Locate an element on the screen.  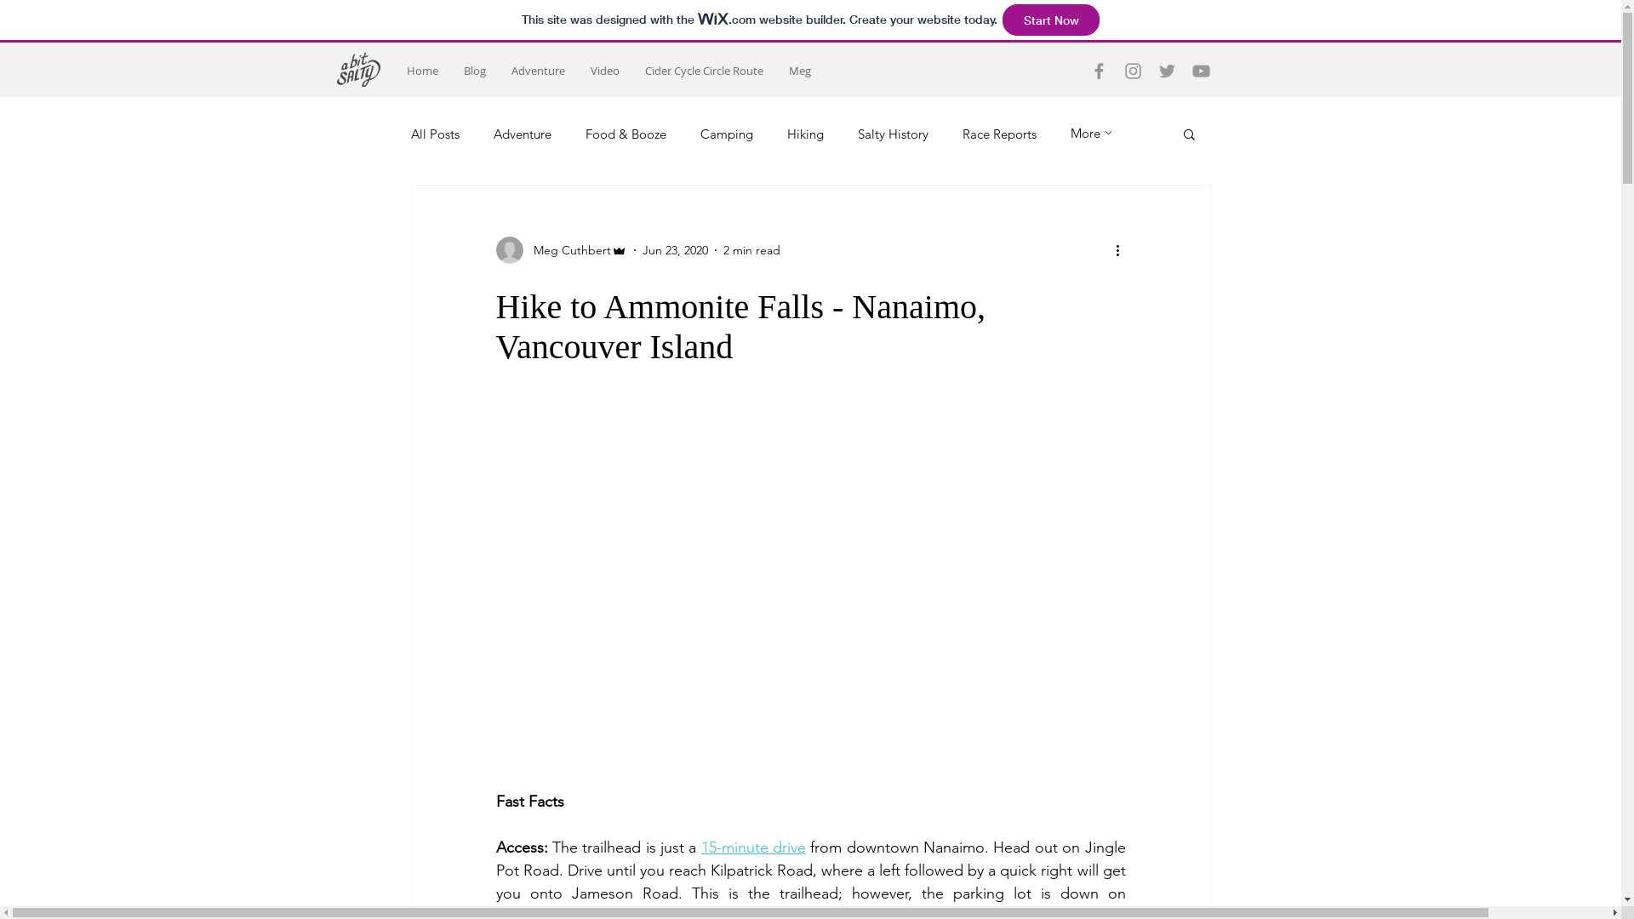
'Adventure' is located at coordinates (537, 70).